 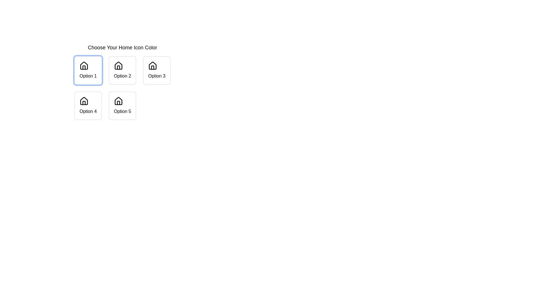 I want to click on the second house icon in the top row of the 'Option 2' UI component, so click(x=118, y=65).